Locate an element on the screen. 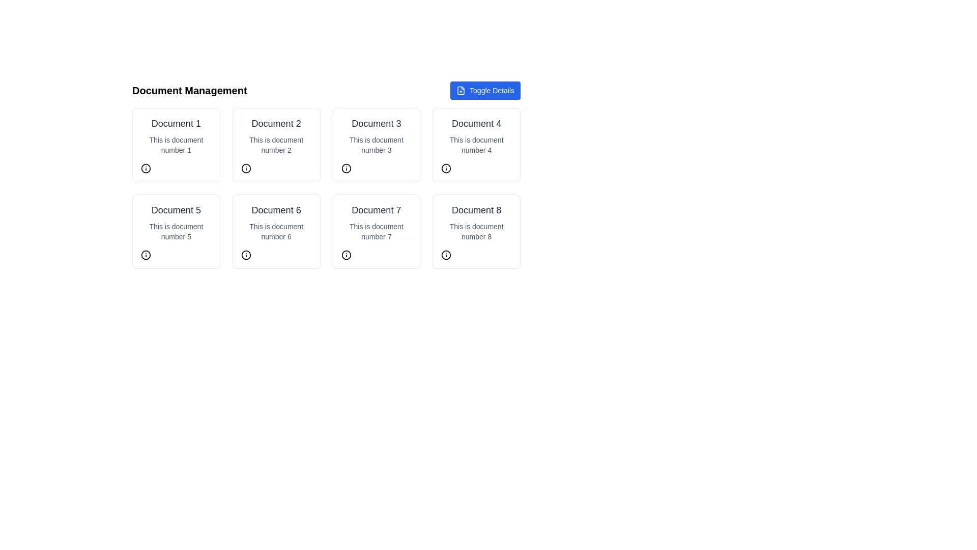  the circular icon with a black border and white inside located in the lower section of the 'Document 2' card is located at coordinates (246, 168).